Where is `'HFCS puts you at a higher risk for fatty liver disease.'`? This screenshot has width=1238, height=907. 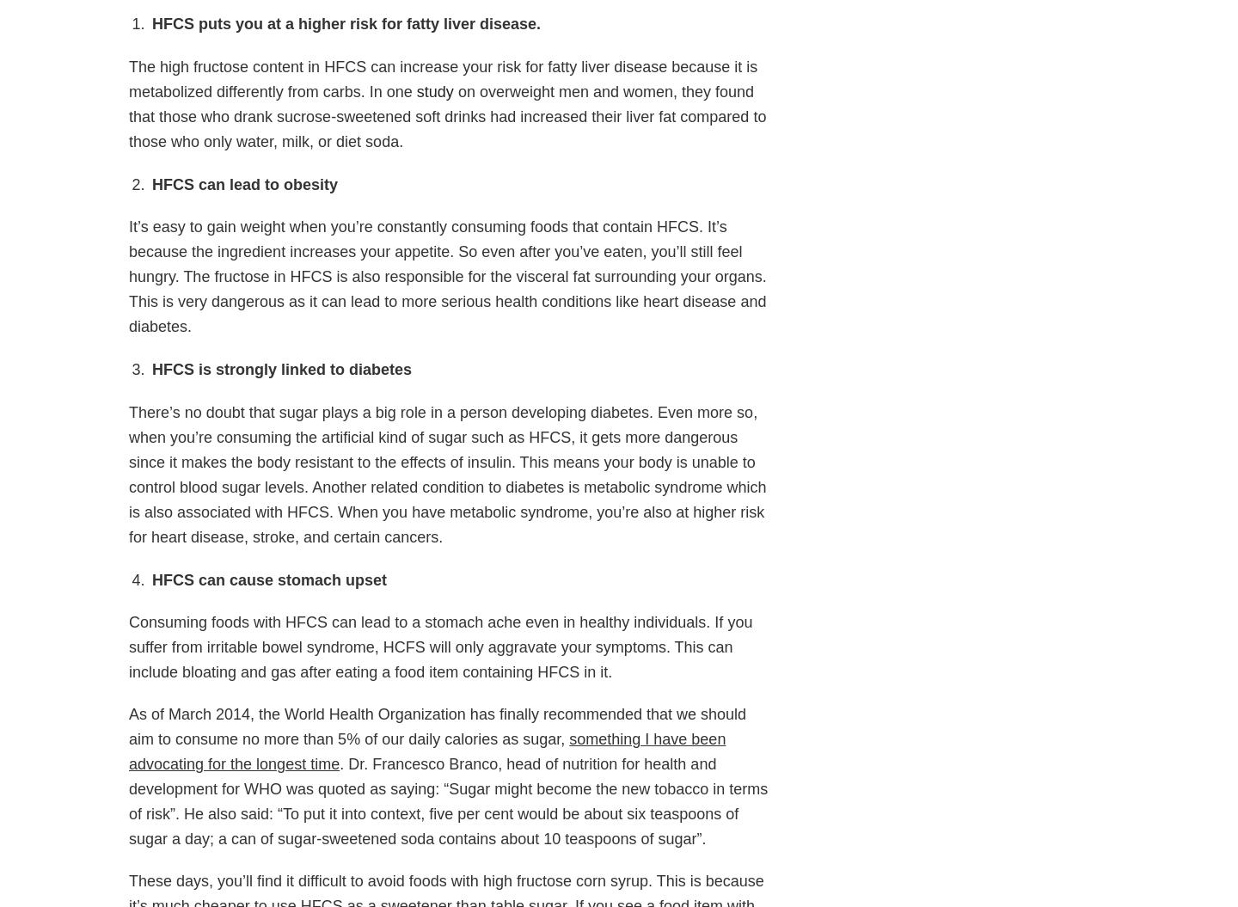
'HFCS puts you at a higher risk for fatty liver disease.' is located at coordinates (345, 23).